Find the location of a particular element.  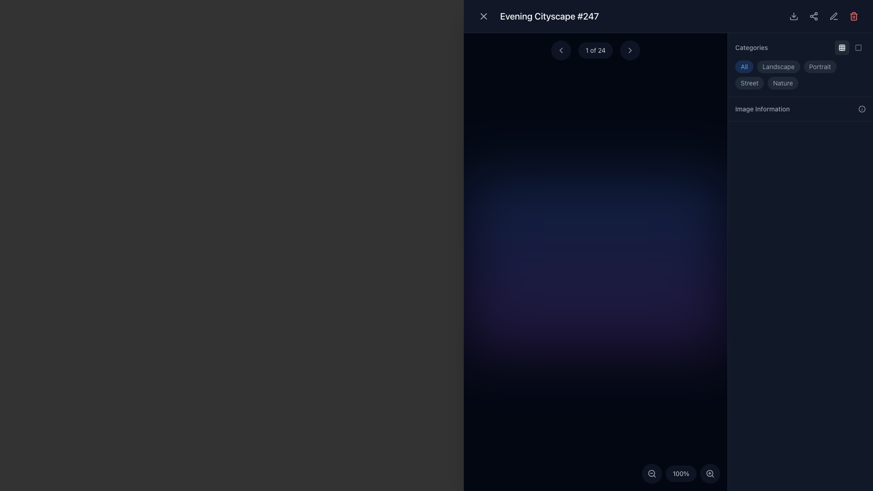

the navigation button located to the right of the central label '1 of 24' is located at coordinates (629, 50).